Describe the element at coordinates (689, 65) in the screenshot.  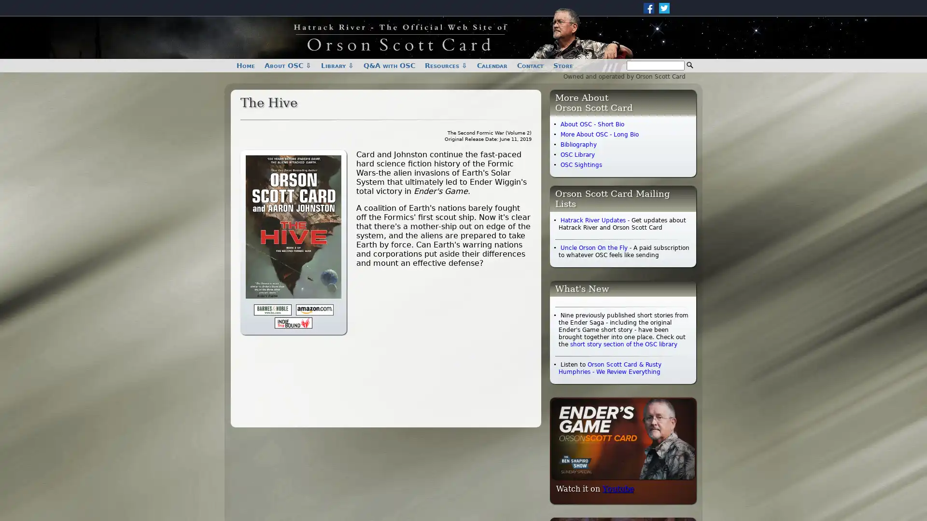
I see `Submit` at that location.